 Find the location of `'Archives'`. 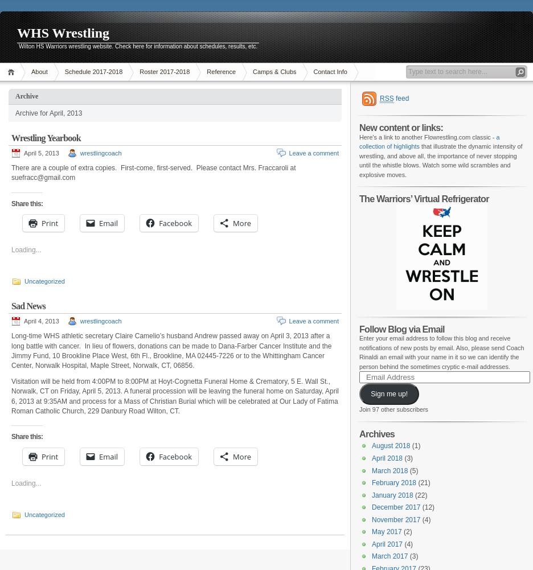

'Archives' is located at coordinates (376, 433).